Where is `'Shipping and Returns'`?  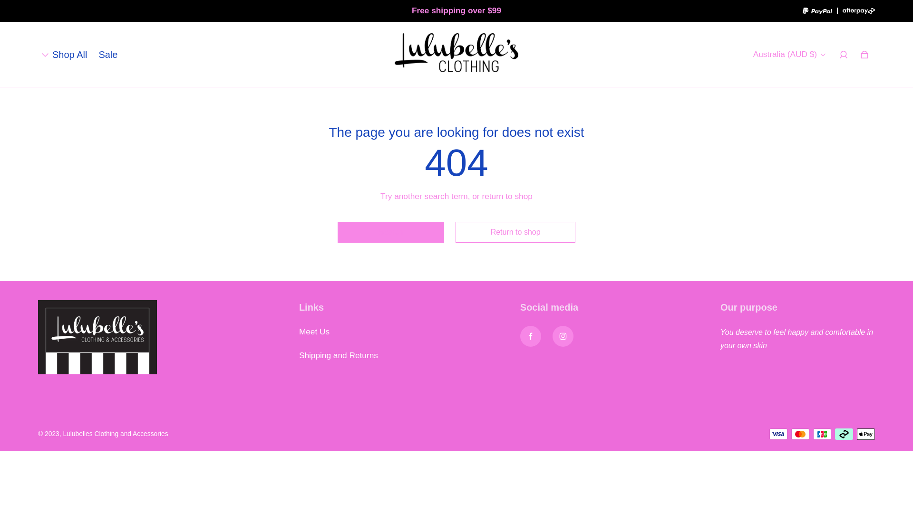 'Shipping and Returns' is located at coordinates (298, 355).